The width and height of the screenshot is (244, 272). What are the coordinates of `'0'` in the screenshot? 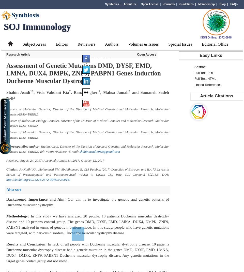 It's located at (199, 111).